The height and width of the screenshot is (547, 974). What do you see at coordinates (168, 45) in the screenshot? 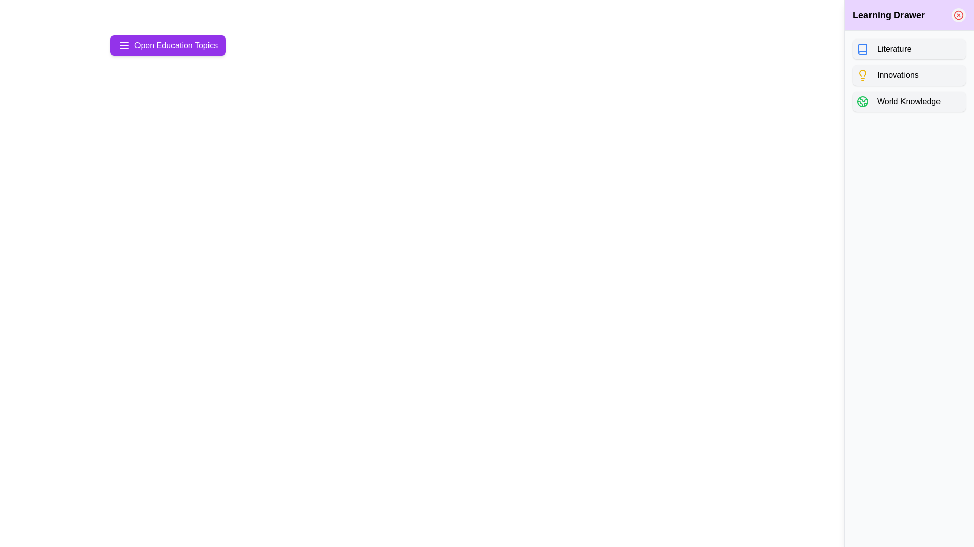
I see `purple button labeled 'Open Education Topics' to toggle the drawer` at bounding box center [168, 45].